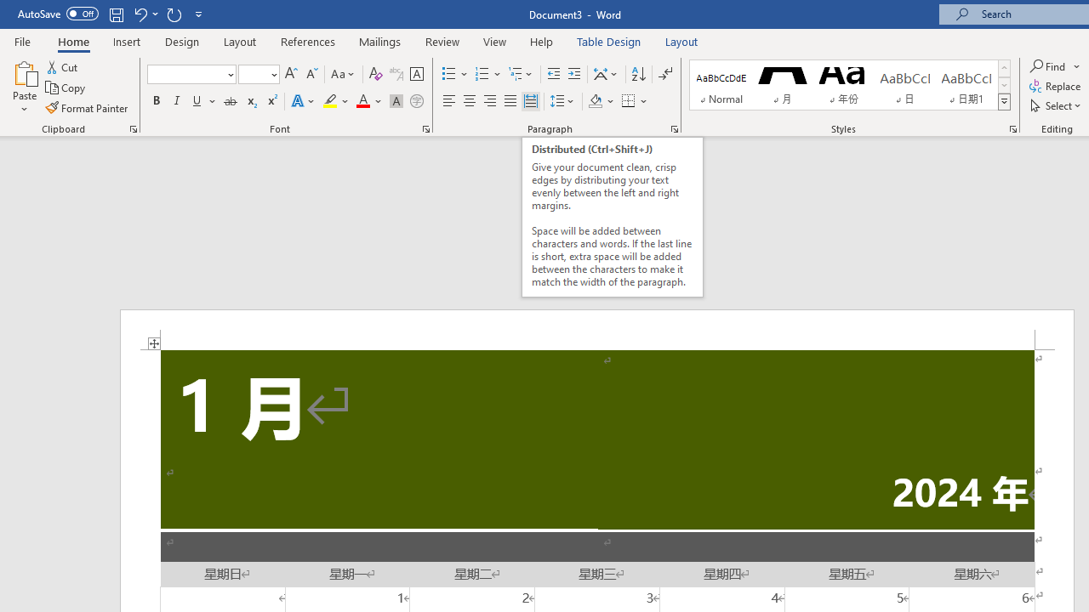  Describe the element at coordinates (140, 14) in the screenshot. I see `'Undo Apply Quick Style'` at that location.